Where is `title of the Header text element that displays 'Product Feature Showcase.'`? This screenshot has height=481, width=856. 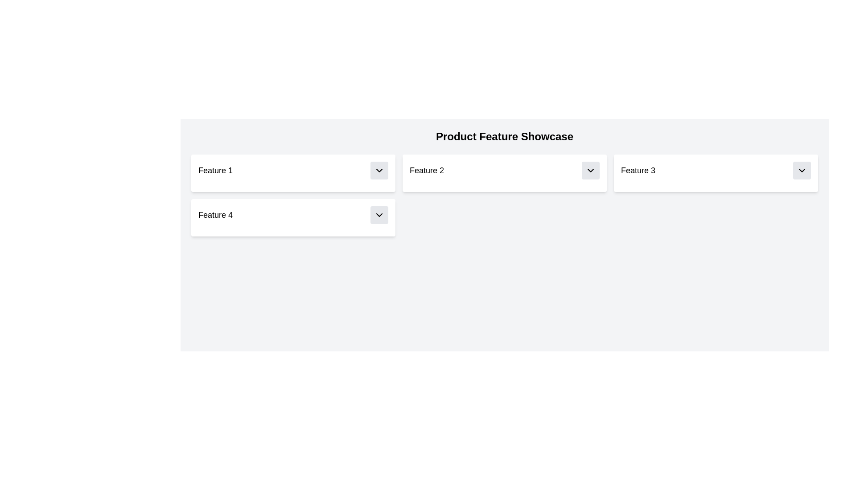
title of the Header text element that displays 'Product Feature Showcase.' is located at coordinates (505, 137).